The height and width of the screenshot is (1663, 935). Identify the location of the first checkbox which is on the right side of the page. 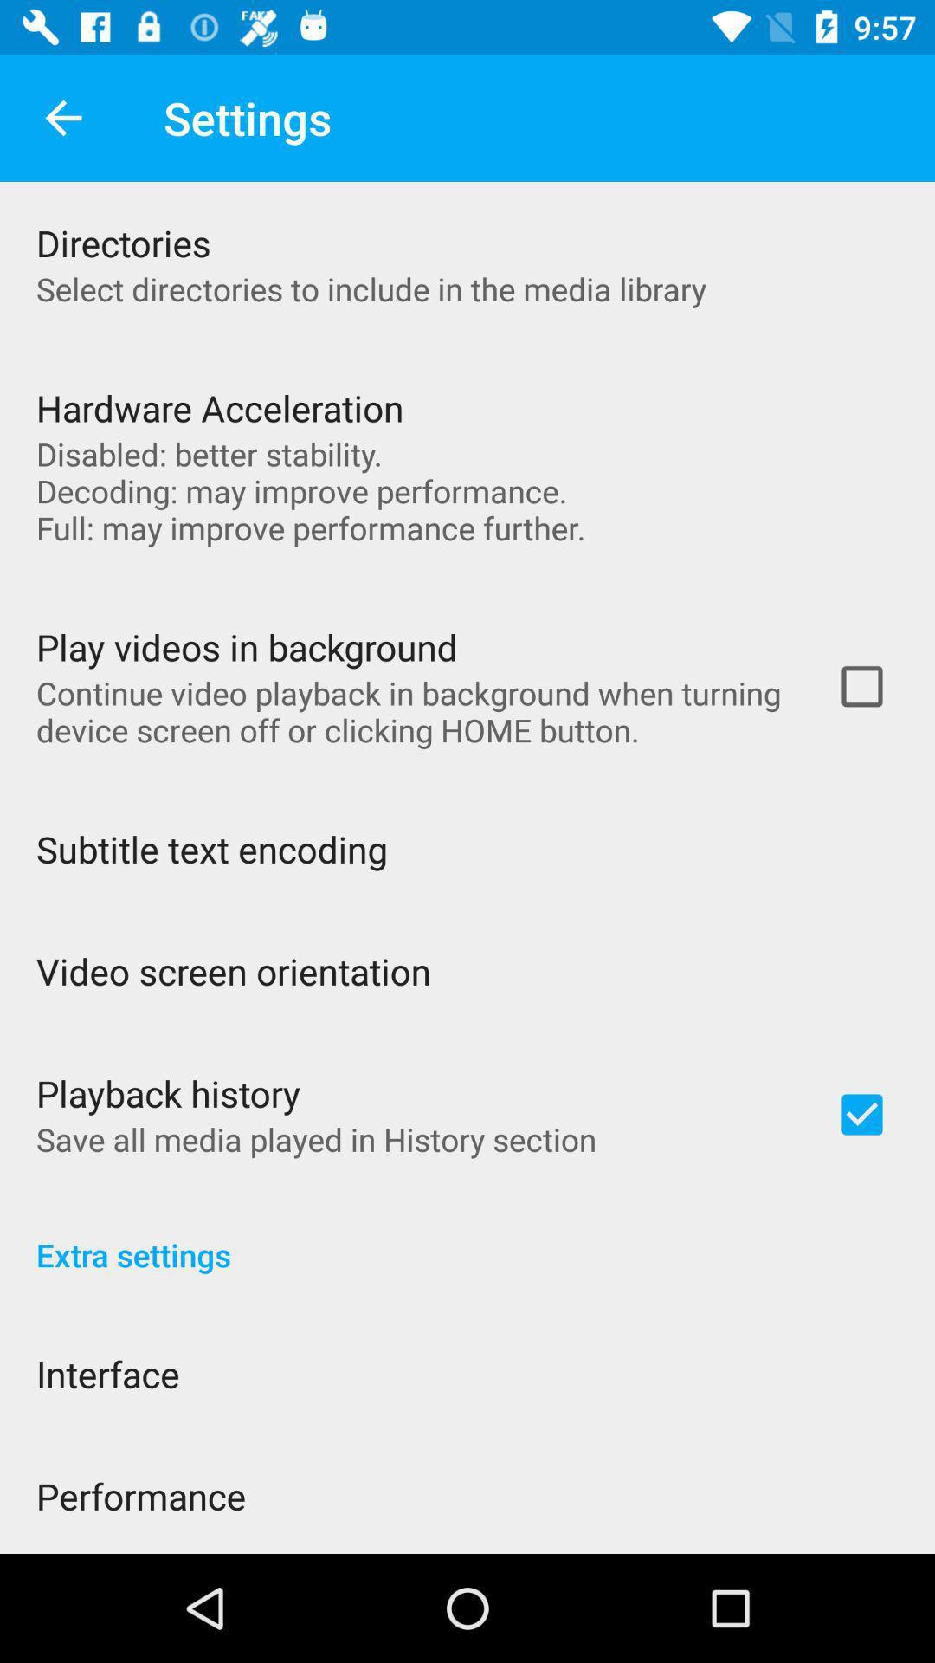
(861, 685).